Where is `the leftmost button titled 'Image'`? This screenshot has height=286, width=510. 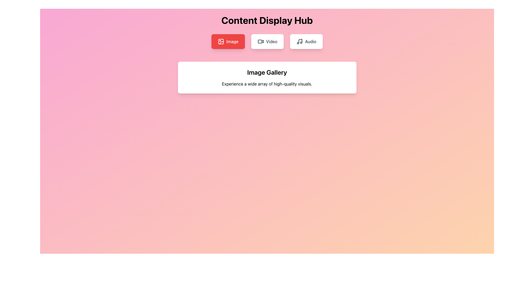 the leftmost button titled 'Image' is located at coordinates (228, 41).